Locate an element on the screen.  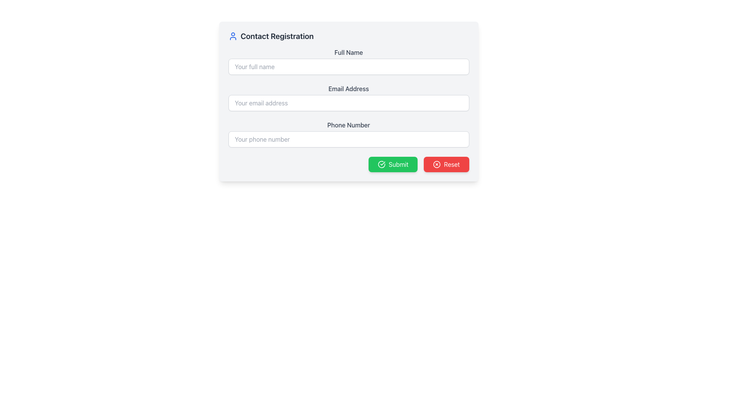
the green 'Submit' button with a white check-circle icon is located at coordinates (393, 164).